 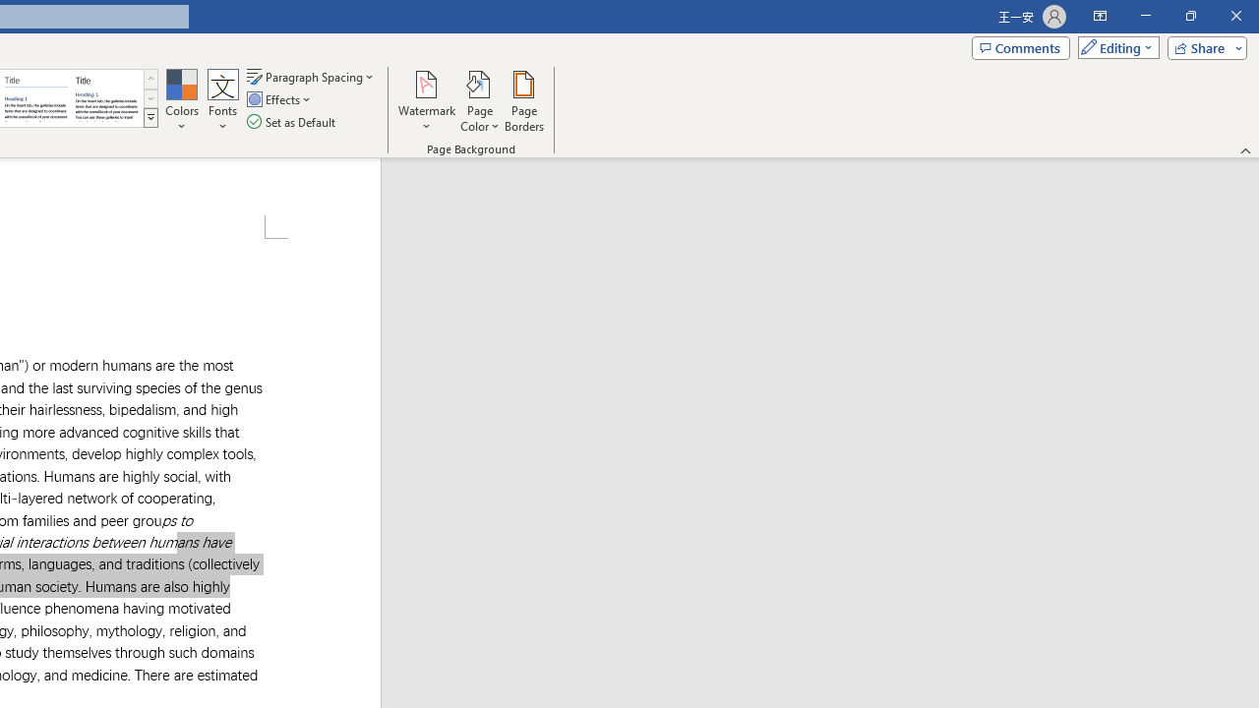 What do you see at coordinates (36, 98) in the screenshot?
I see `'Word 2010'` at bounding box center [36, 98].